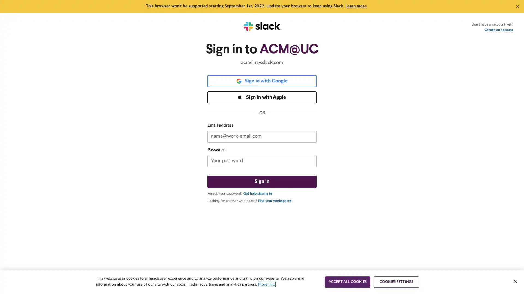 This screenshot has height=294, width=524. What do you see at coordinates (262, 81) in the screenshot?
I see `Sign in with Google` at bounding box center [262, 81].